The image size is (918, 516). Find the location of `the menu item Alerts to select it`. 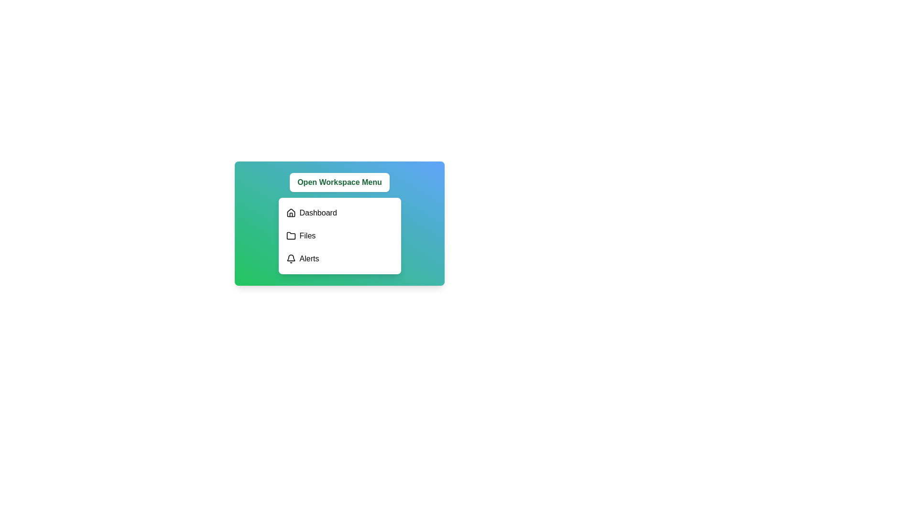

the menu item Alerts to select it is located at coordinates (339, 259).